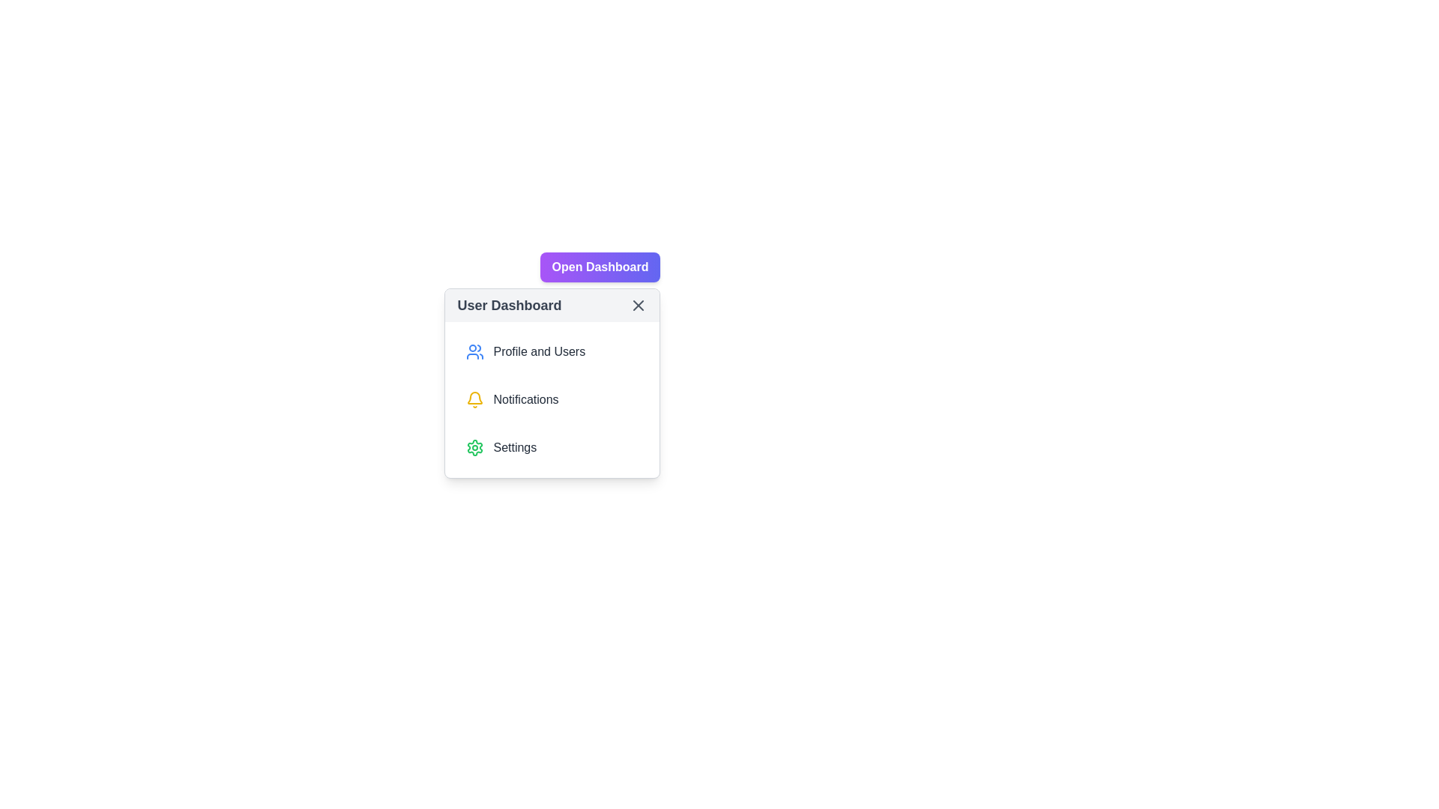 Image resolution: width=1439 pixels, height=809 pixels. Describe the element at coordinates (474, 399) in the screenshot. I see `the bell-shaped notification icon with a yellow outline, located to the left of the 'Notifications' text in the User Dashboard menu` at that location.